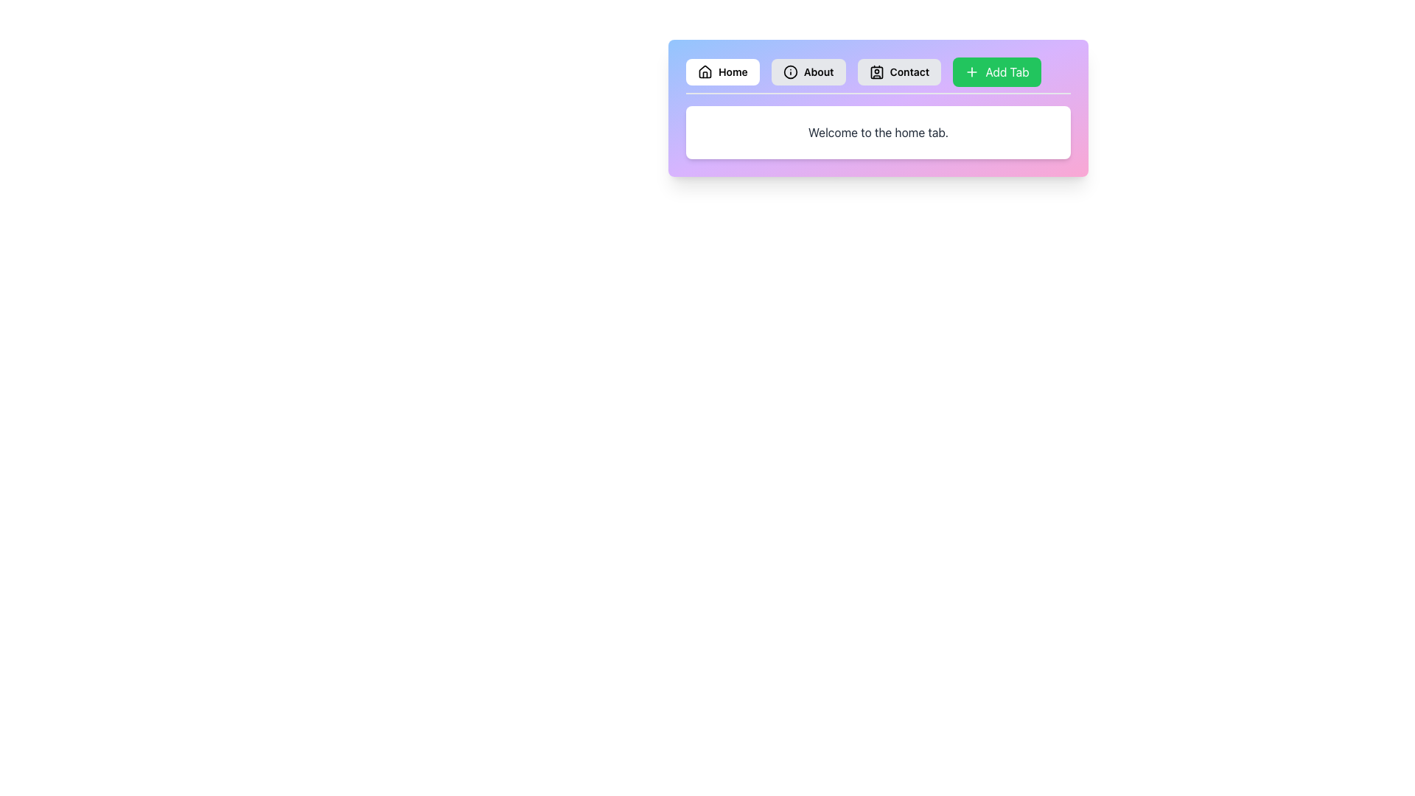  What do you see at coordinates (876, 72) in the screenshot?
I see `the graphical shape element that serves as the background for the 'Contact' icon in the navigation bar, located between the 'About' button and the 'Add Tab' button` at bounding box center [876, 72].